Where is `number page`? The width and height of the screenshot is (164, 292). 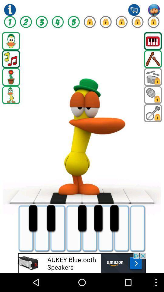 number page is located at coordinates (105, 22).